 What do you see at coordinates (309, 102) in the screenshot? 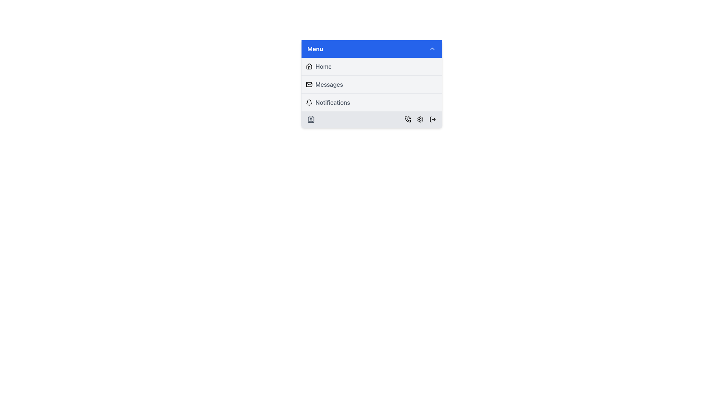
I see `the notification indicator icon located to the left of the 'Notifications' menu entry, positioned below 'Home' and 'Messages' and above additional icons` at bounding box center [309, 102].